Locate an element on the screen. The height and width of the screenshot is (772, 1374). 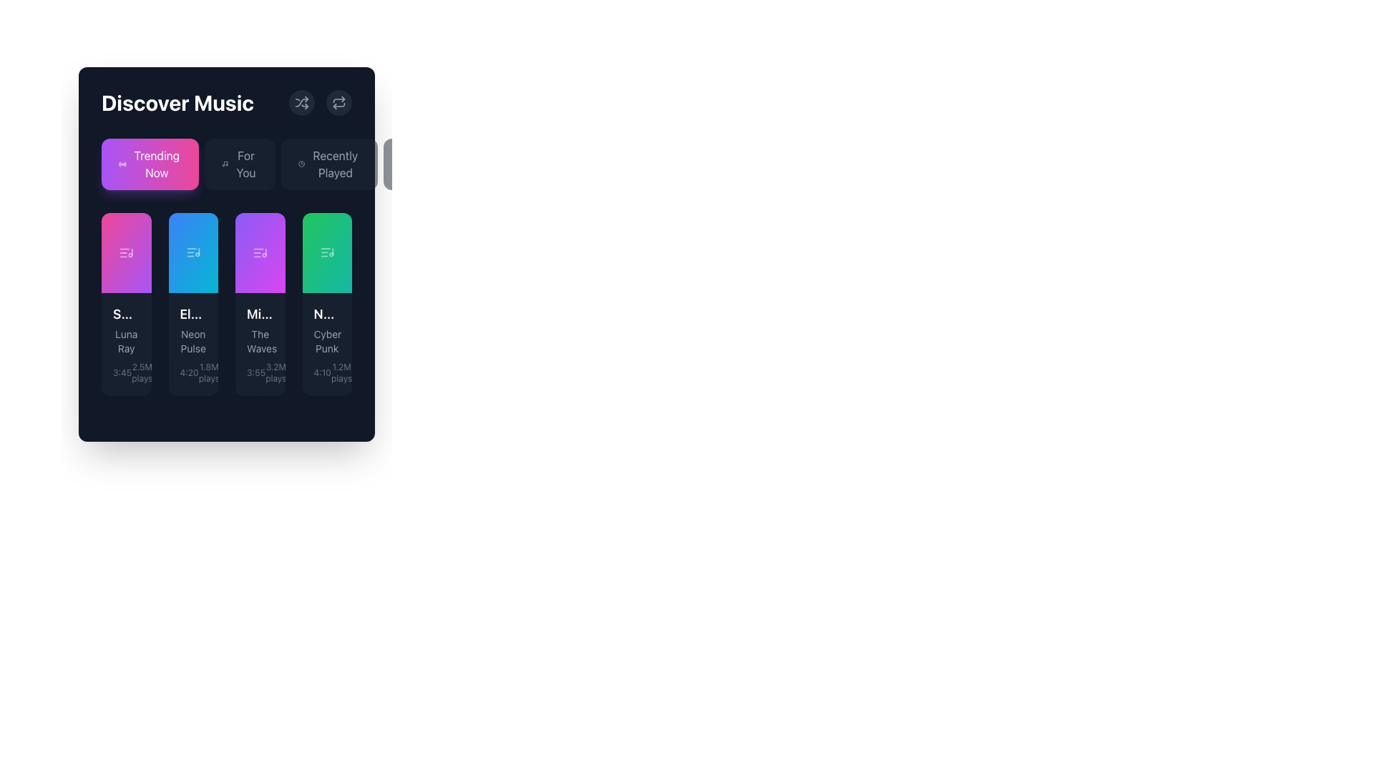
the text label displaying 'Cyber Punk' which is styled in gray color and positioned within a dark-themed card, located below 'Neon City' and above '4:10 - 1.2M plays' is located at coordinates (326, 342).